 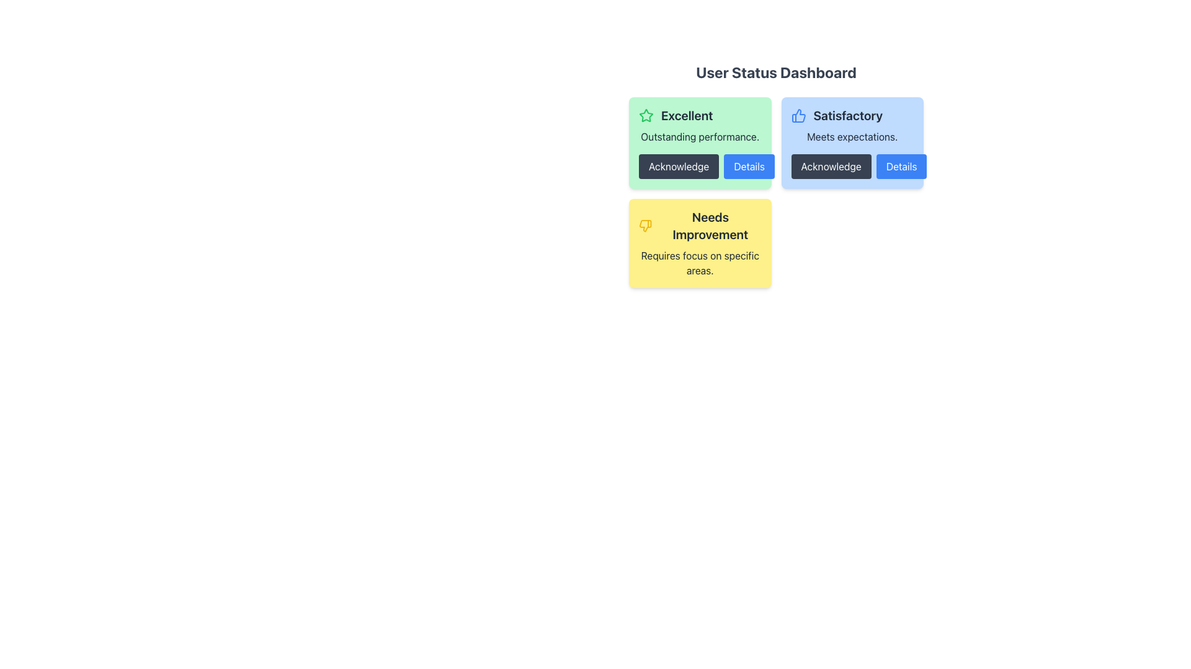 What do you see at coordinates (645, 115) in the screenshot?
I see `the star icon representing the 'Excellent' category in the User Status Dashboard, located in the top-left corner of the green card` at bounding box center [645, 115].